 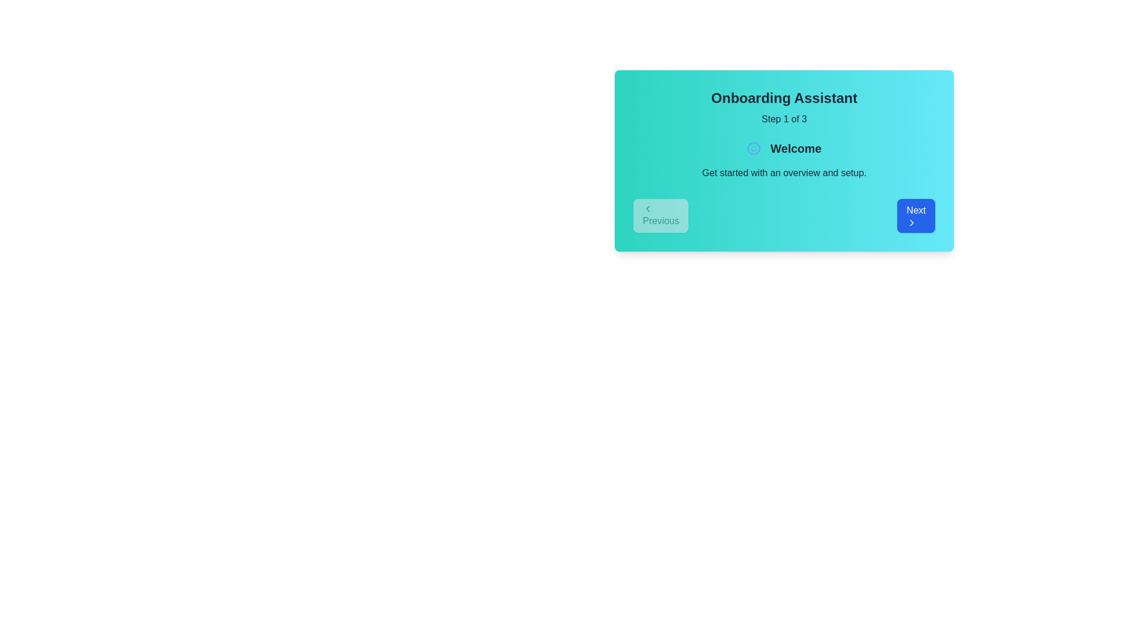 What do you see at coordinates (784, 108) in the screenshot?
I see `the text element that introduces the user to a multi-step process, indicating the current progress as step 1 out of 3, located at the top center of a rounded rectangular card-like section with a gradient teal-to-cyan background` at bounding box center [784, 108].